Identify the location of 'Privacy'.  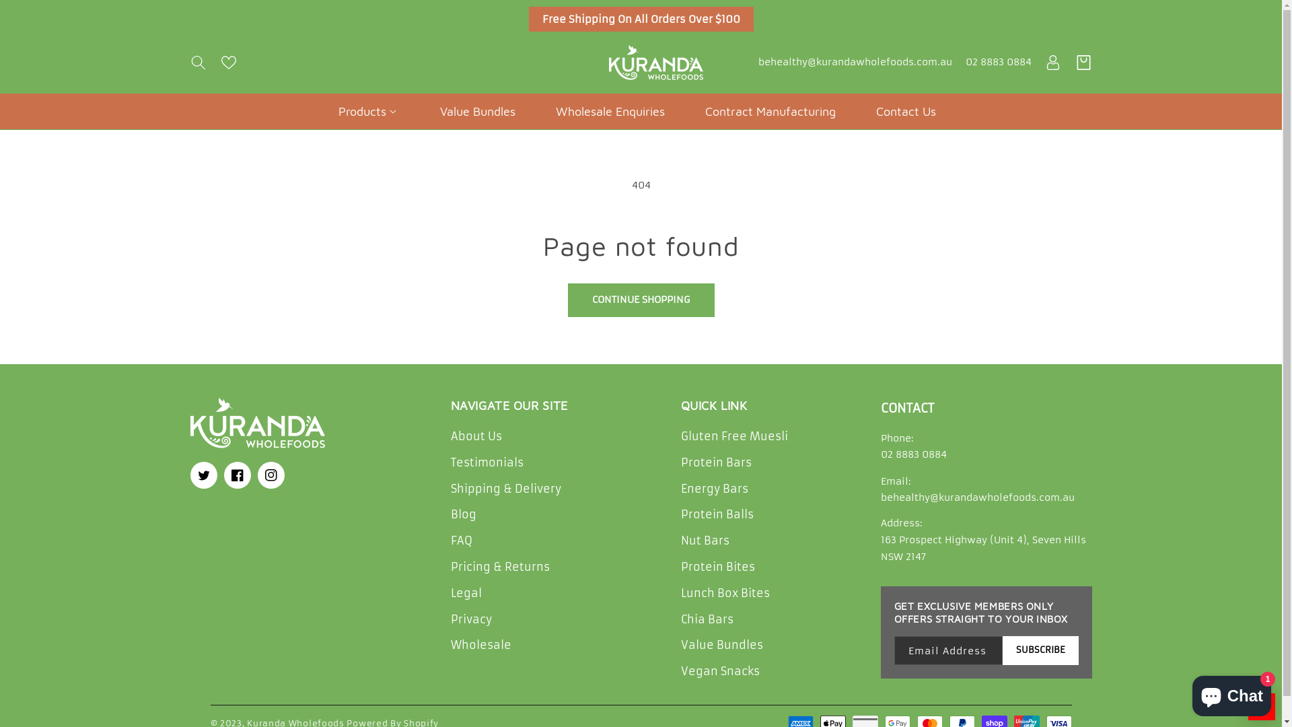
(471, 619).